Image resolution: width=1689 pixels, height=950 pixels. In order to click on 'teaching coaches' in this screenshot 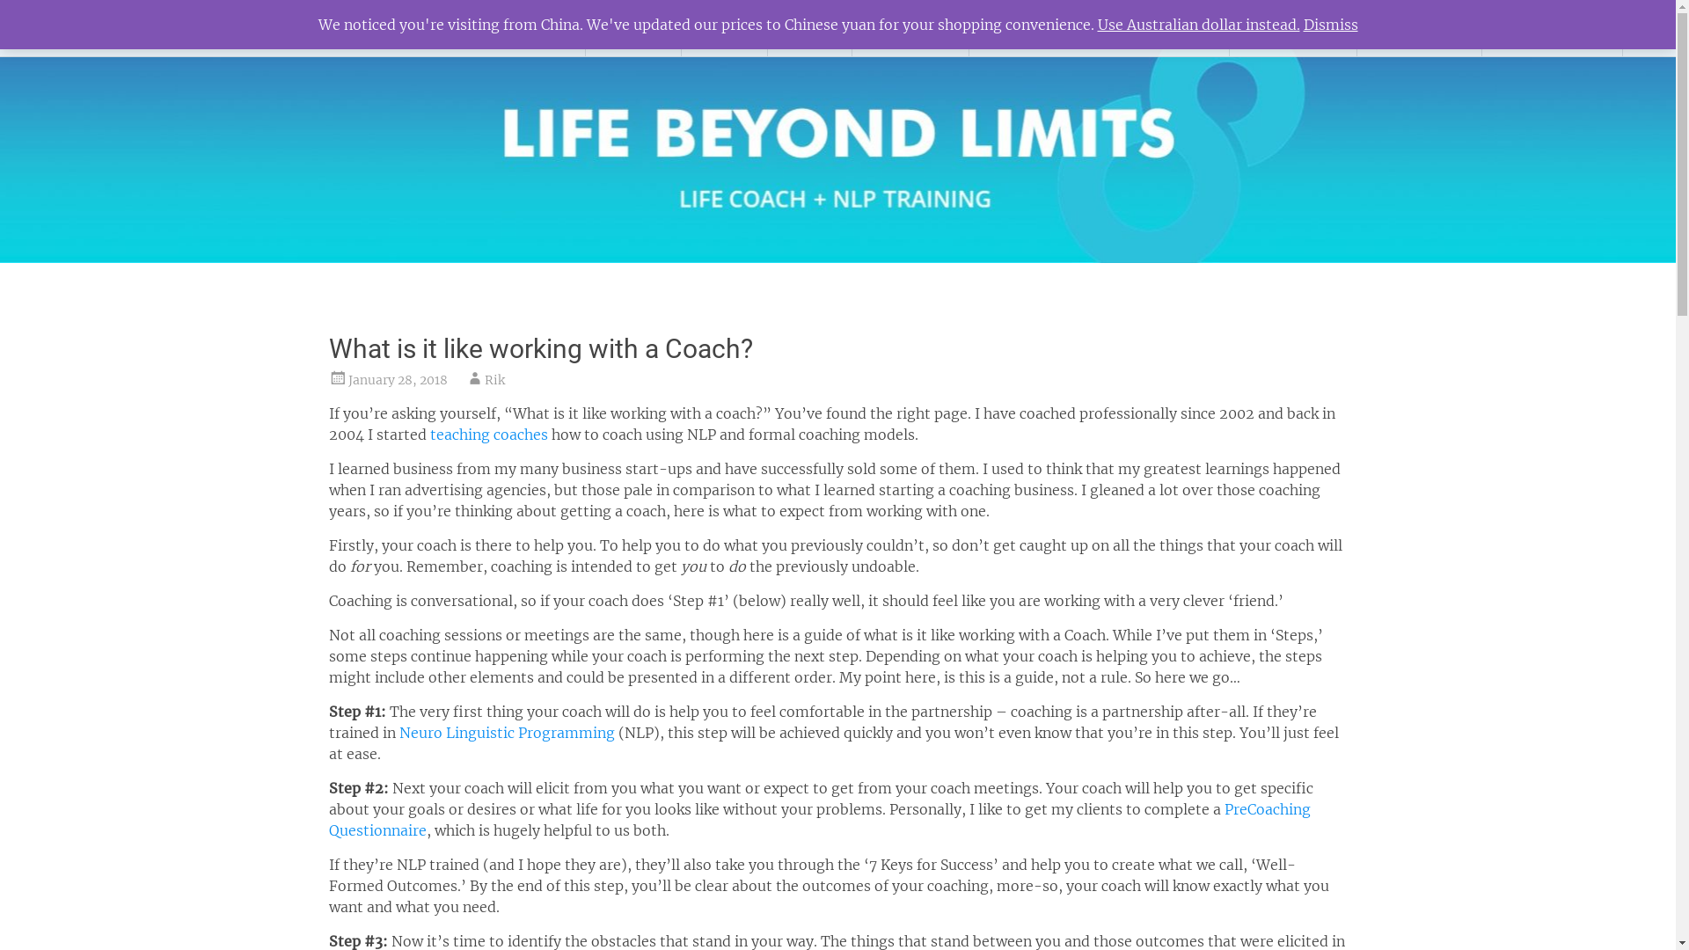, I will do `click(429, 434)`.